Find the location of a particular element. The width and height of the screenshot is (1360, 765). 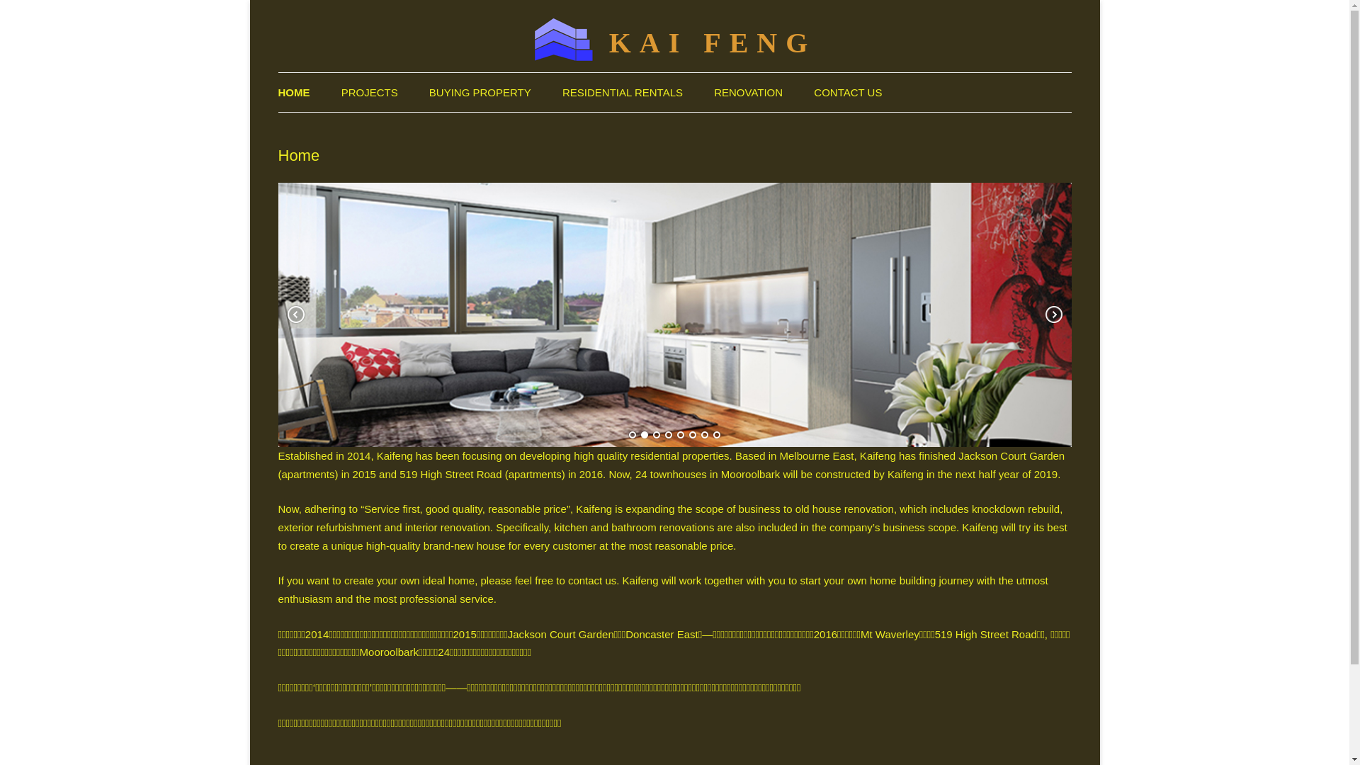

'RENOVATION' is located at coordinates (747, 92).